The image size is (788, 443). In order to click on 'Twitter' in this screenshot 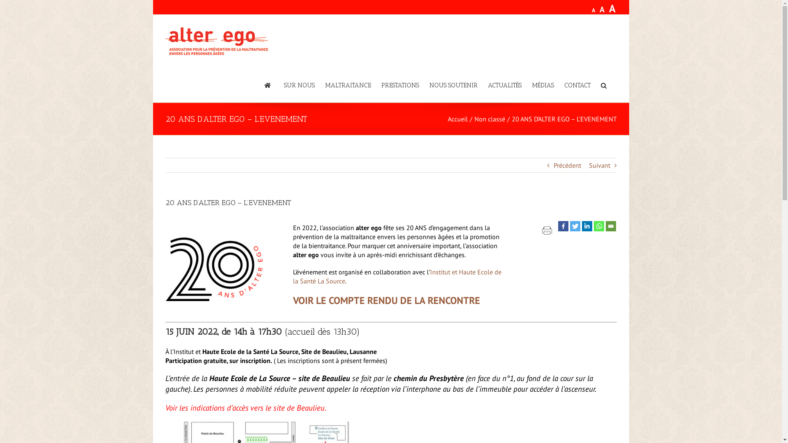, I will do `click(574, 226)`.